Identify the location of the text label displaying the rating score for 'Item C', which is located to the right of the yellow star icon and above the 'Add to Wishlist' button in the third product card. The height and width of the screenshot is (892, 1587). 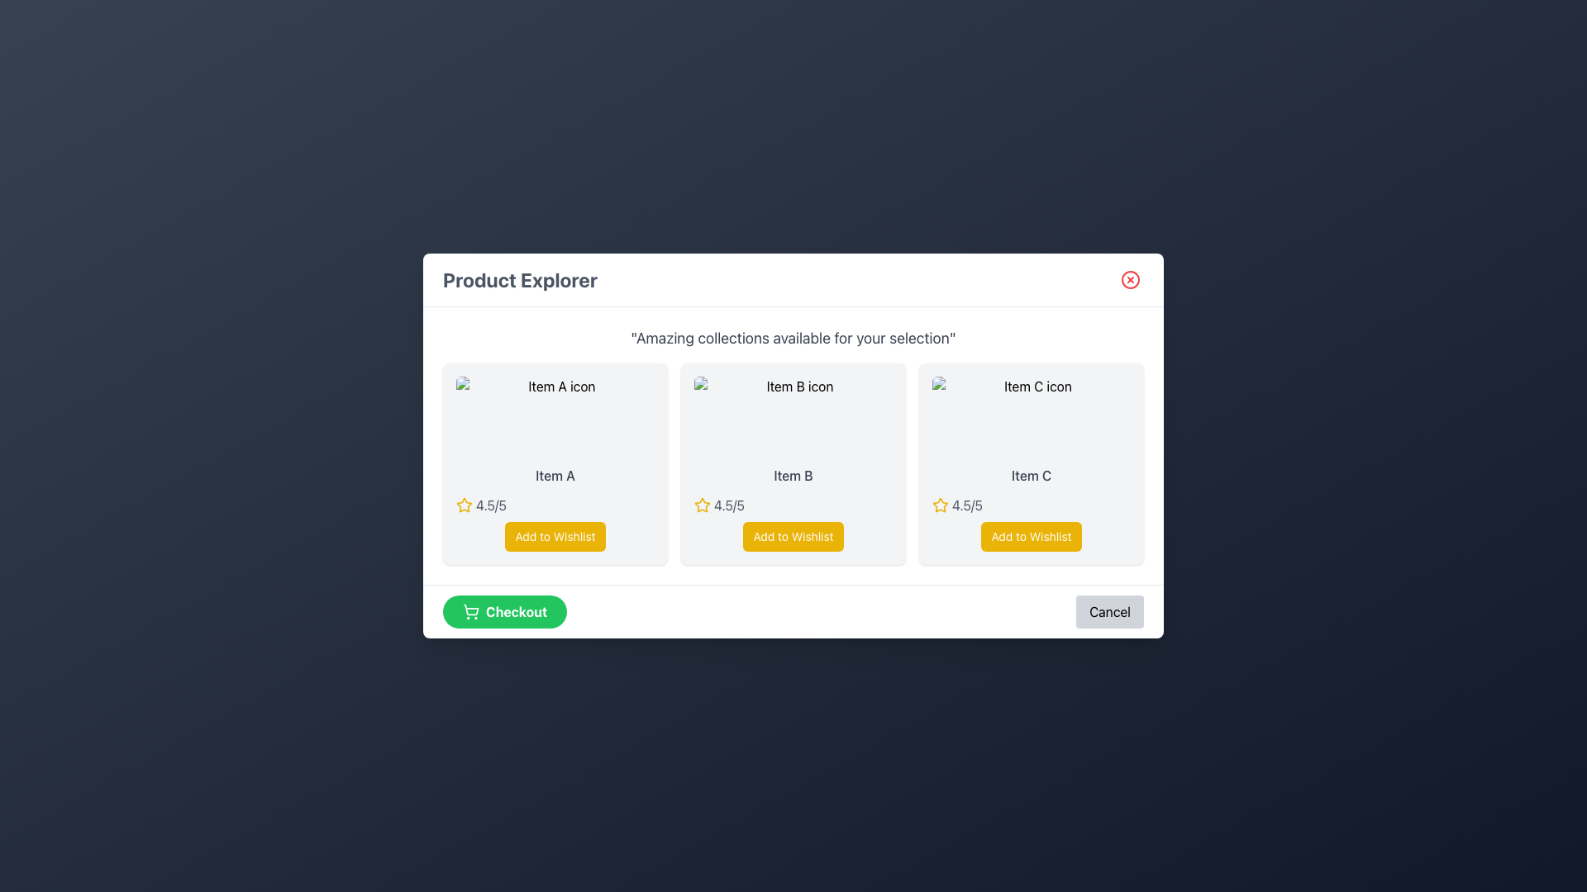
(967, 505).